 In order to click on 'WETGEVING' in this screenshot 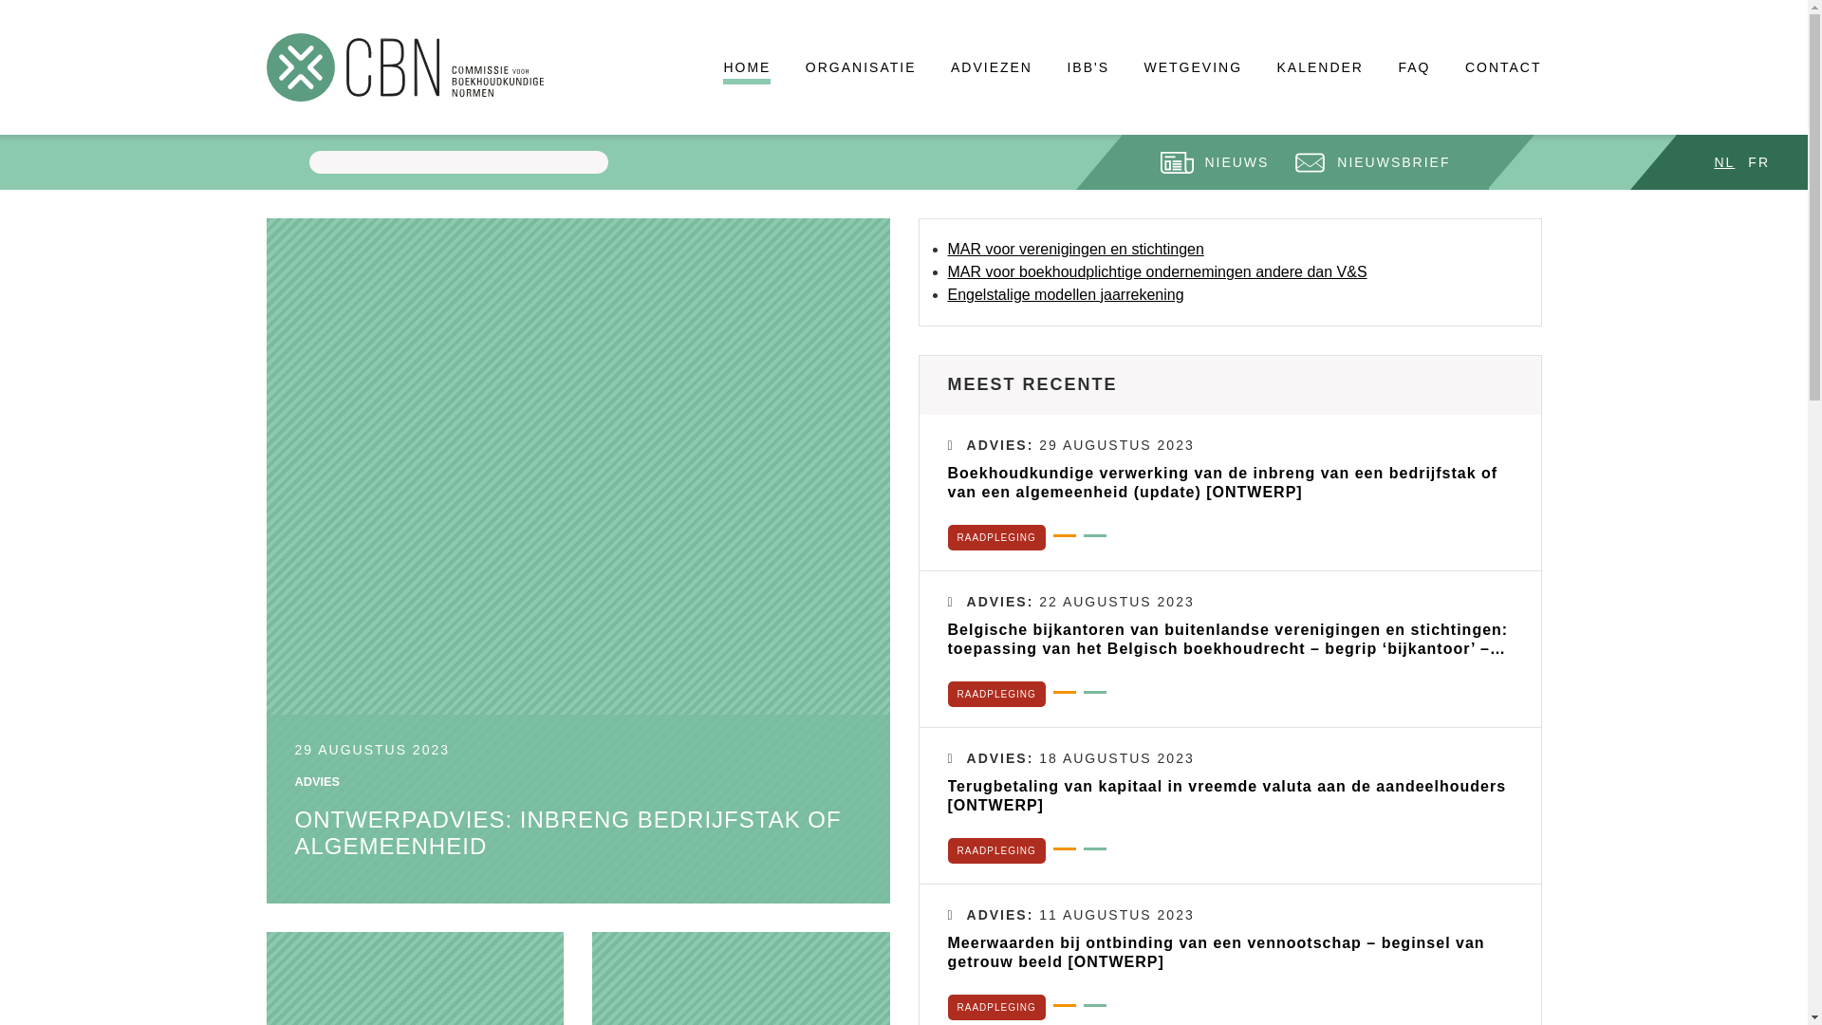, I will do `click(1192, 68)`.